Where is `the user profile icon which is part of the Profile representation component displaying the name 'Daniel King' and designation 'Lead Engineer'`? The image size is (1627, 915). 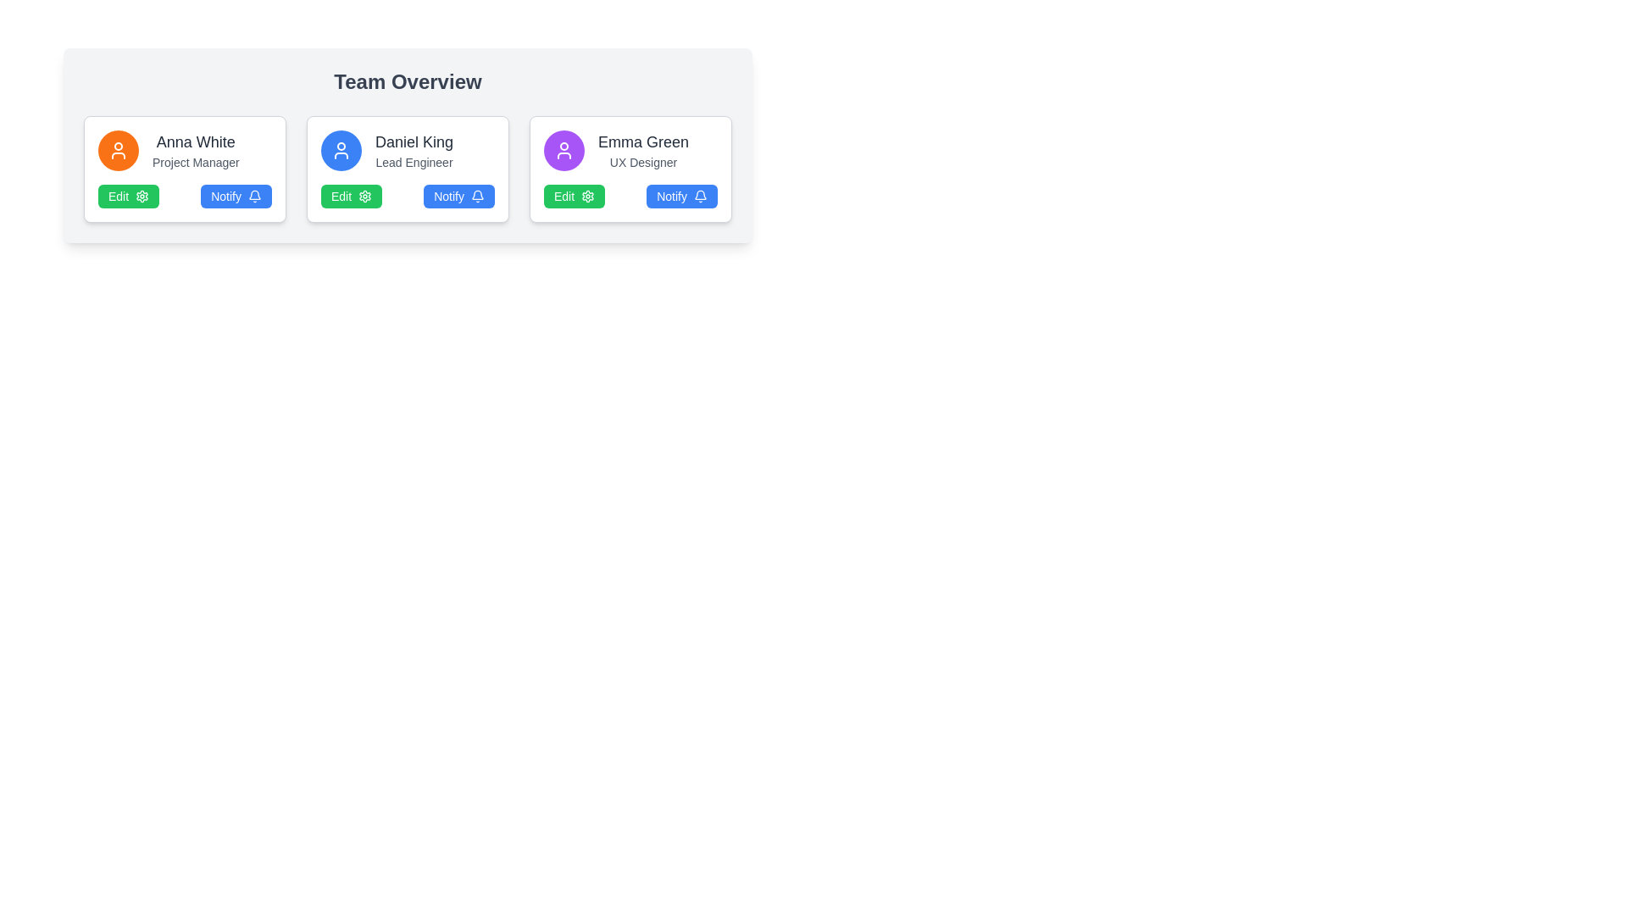 the user profile icon which is part of the Profile representation component displaying the name 'Daniel King' and designation 'Lead Engineer' is located at coordinates (408, 149).